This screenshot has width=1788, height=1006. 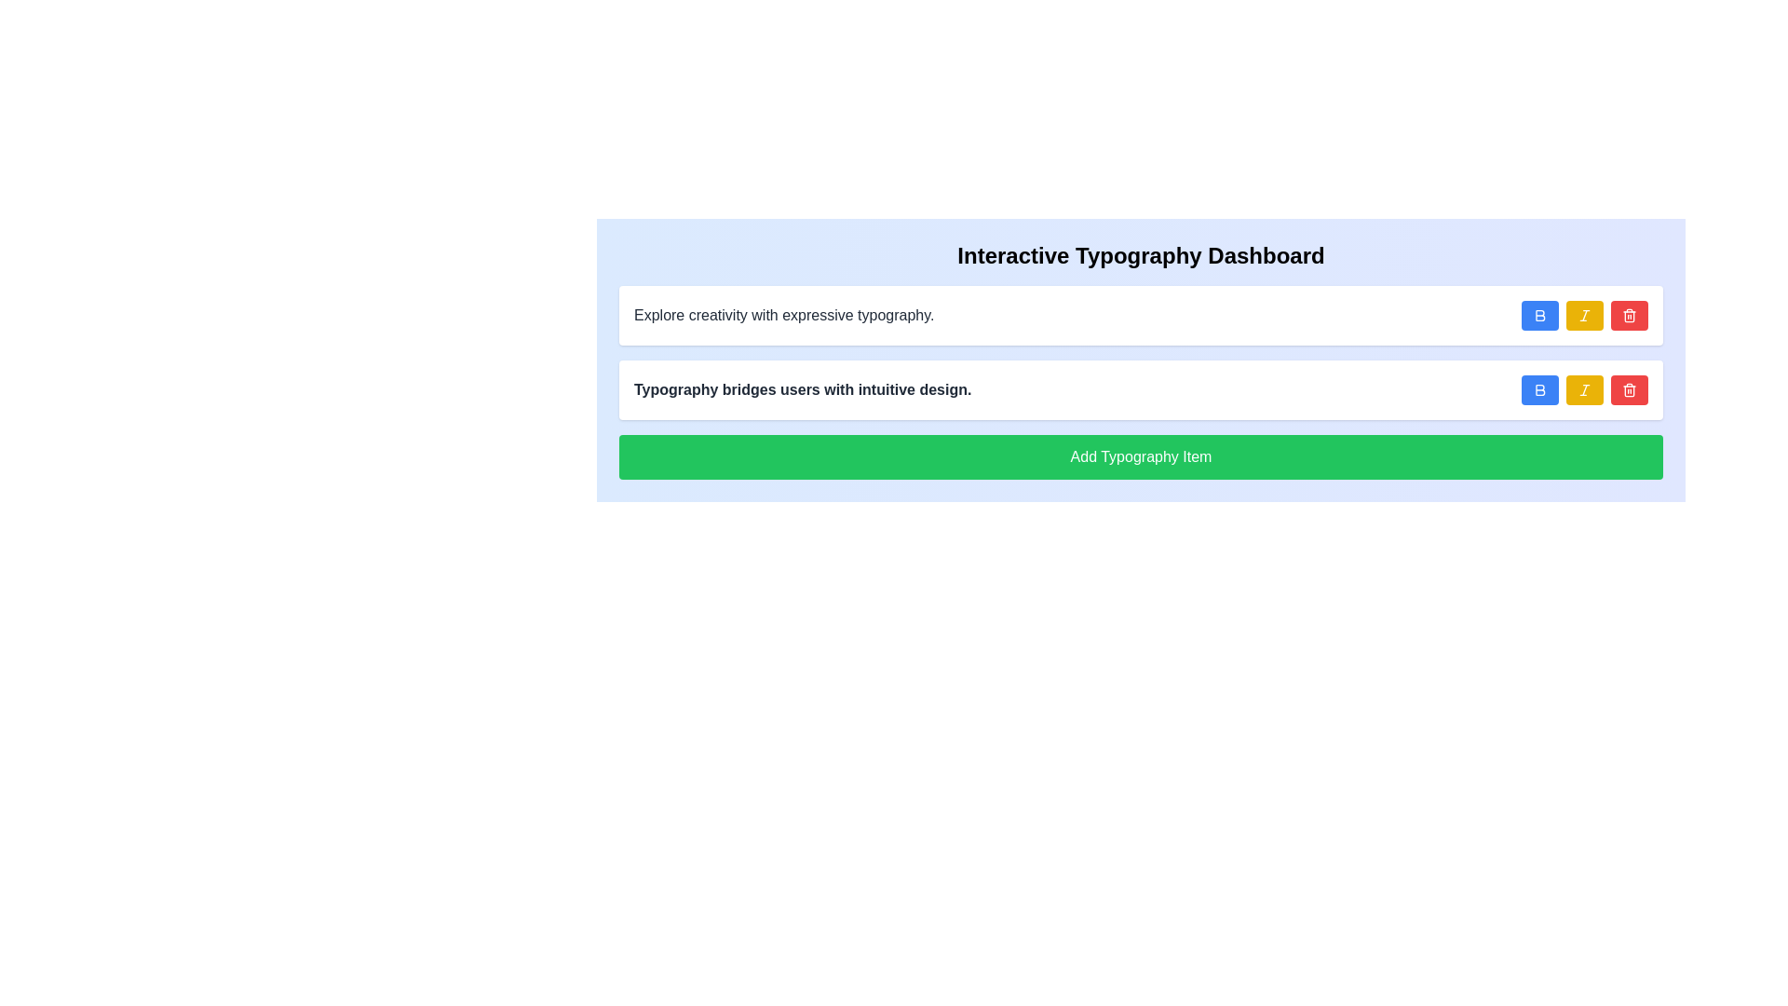 I want to click on the bold icon within the blue rectangular button located in the second row of typography items, aligned to the left among the action buttons, so click(x=1540, y=389).